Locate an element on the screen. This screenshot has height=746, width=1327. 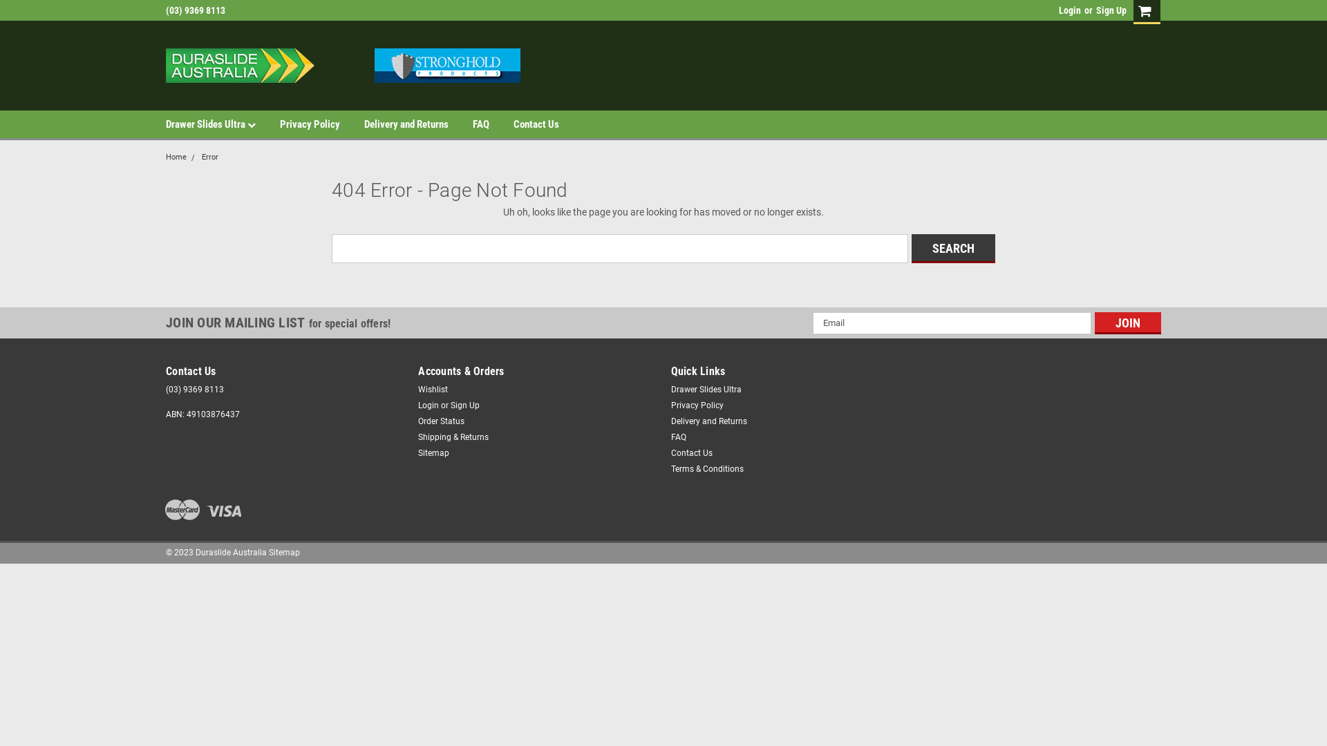
'Order Status' is located at coordinates (440, 420).